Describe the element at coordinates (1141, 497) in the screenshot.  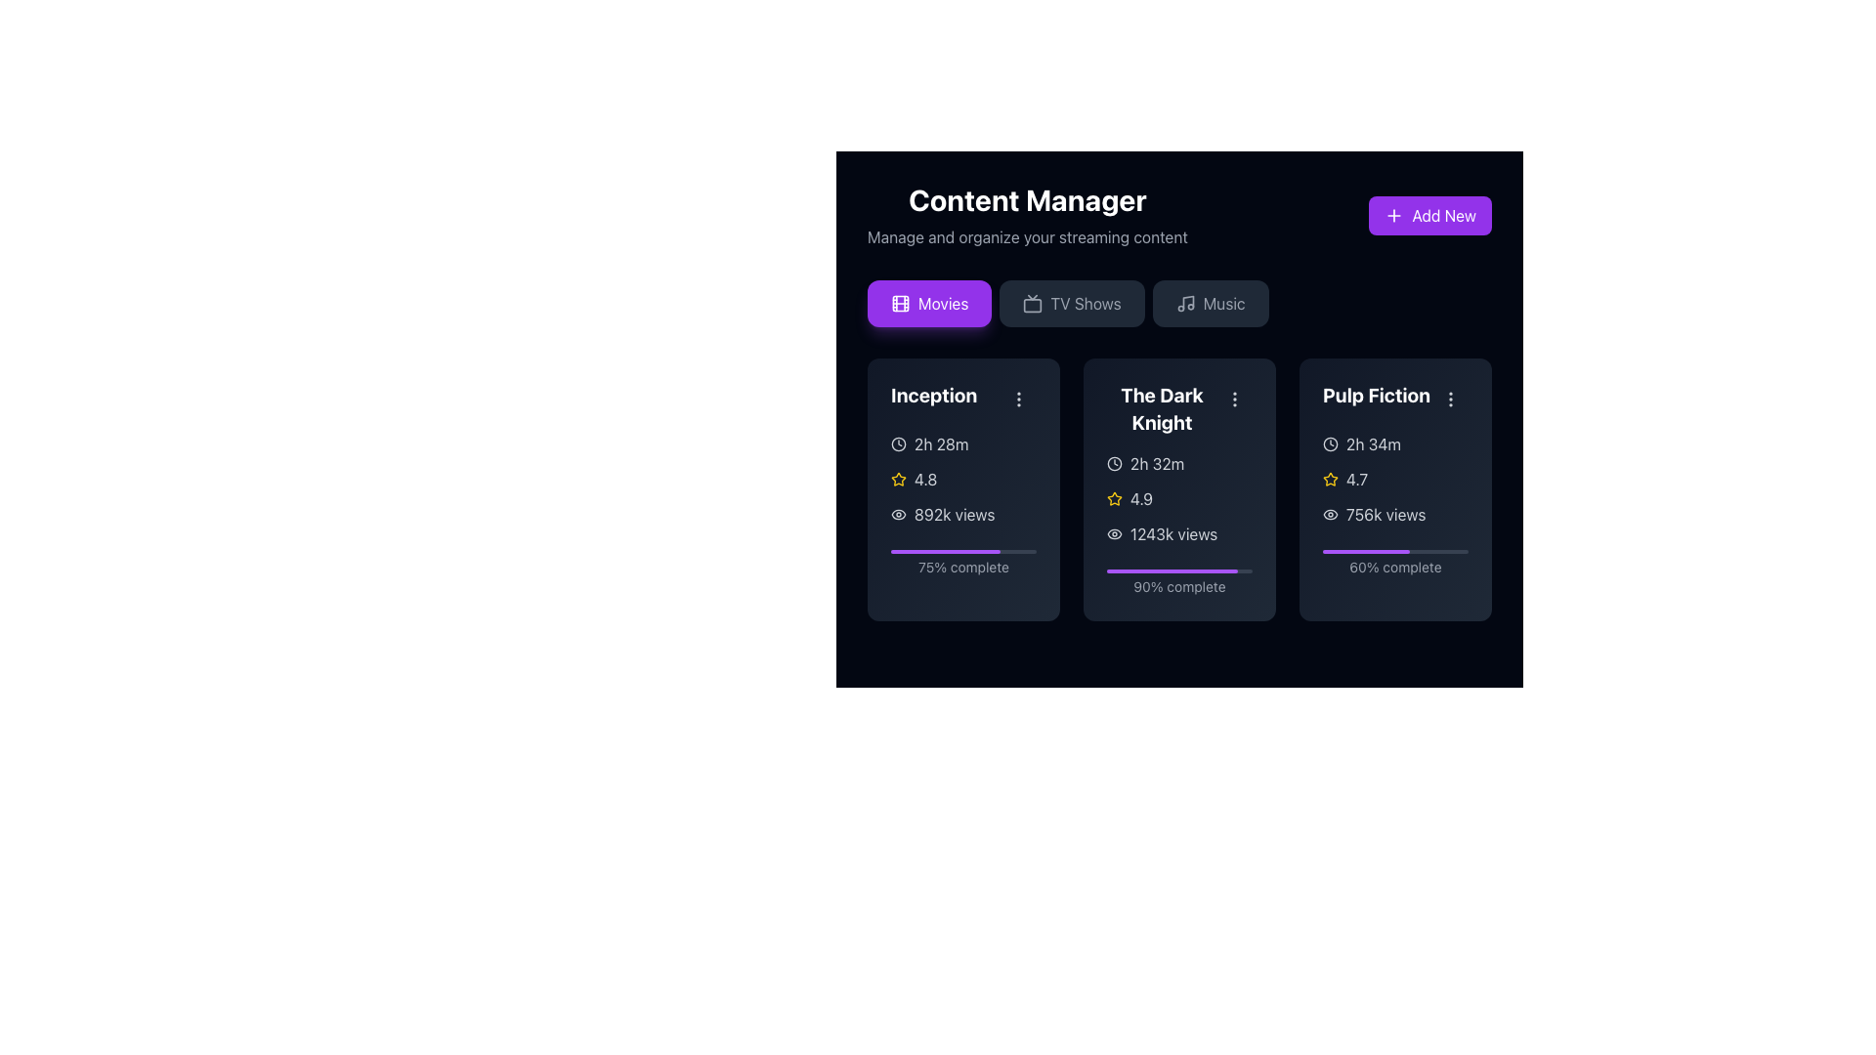
I see `the Text Label displaying the number '4.9' which is part of the rating system next to the yellow star icon for 'The Dark Knight'` at that location.